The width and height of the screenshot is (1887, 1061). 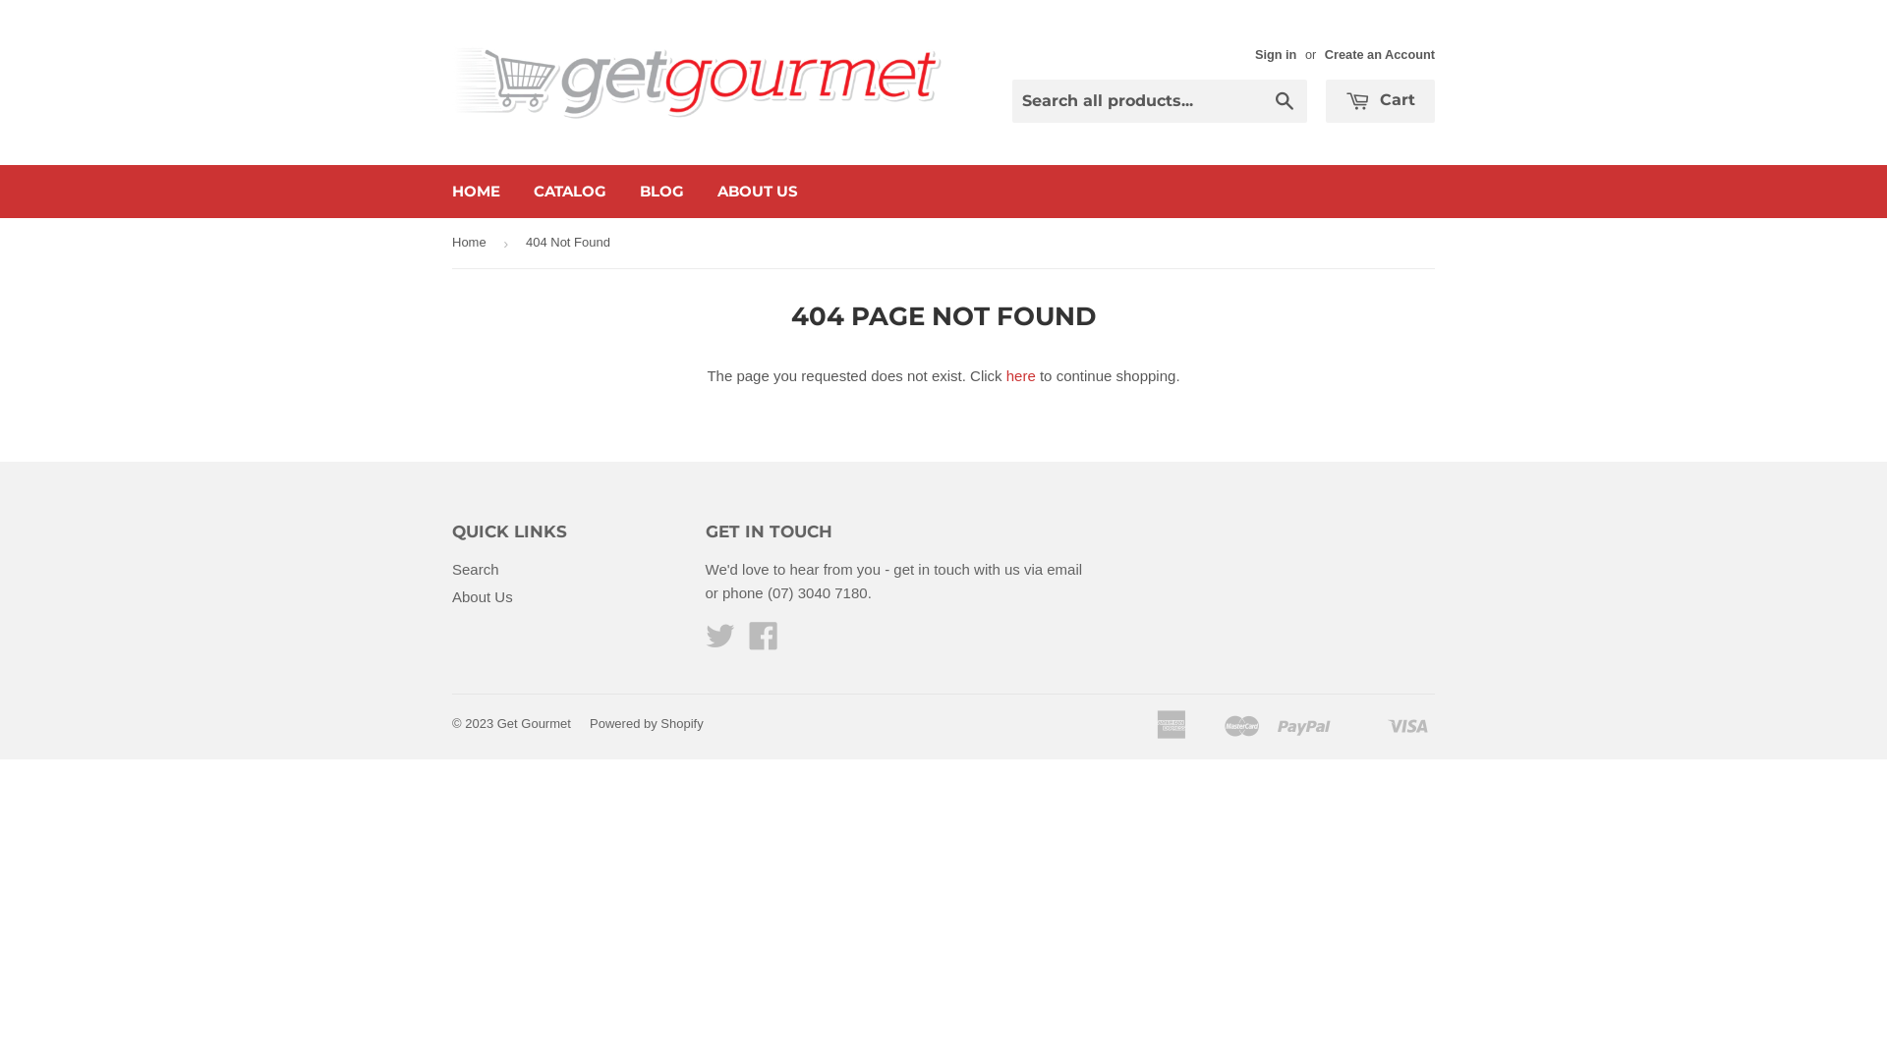 I want to click on 'Powered by Shopify', so click(x=589, y=723).